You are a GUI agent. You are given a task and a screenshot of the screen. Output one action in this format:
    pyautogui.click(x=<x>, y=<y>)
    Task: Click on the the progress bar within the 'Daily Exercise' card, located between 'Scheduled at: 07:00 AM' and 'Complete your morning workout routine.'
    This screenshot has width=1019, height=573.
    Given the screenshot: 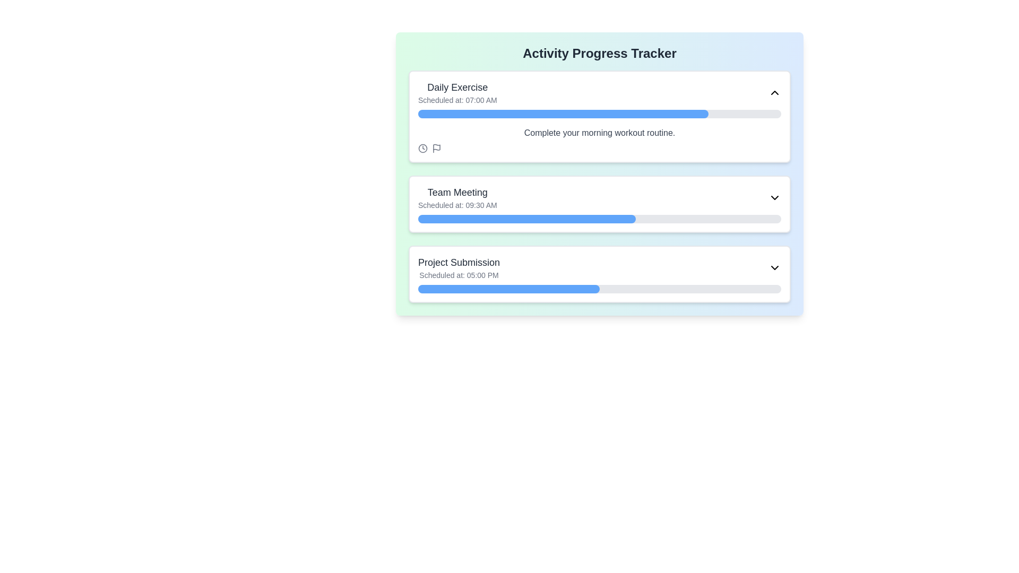 What is the action you would take?
    pyautogui.click(x=599, y=114)
    